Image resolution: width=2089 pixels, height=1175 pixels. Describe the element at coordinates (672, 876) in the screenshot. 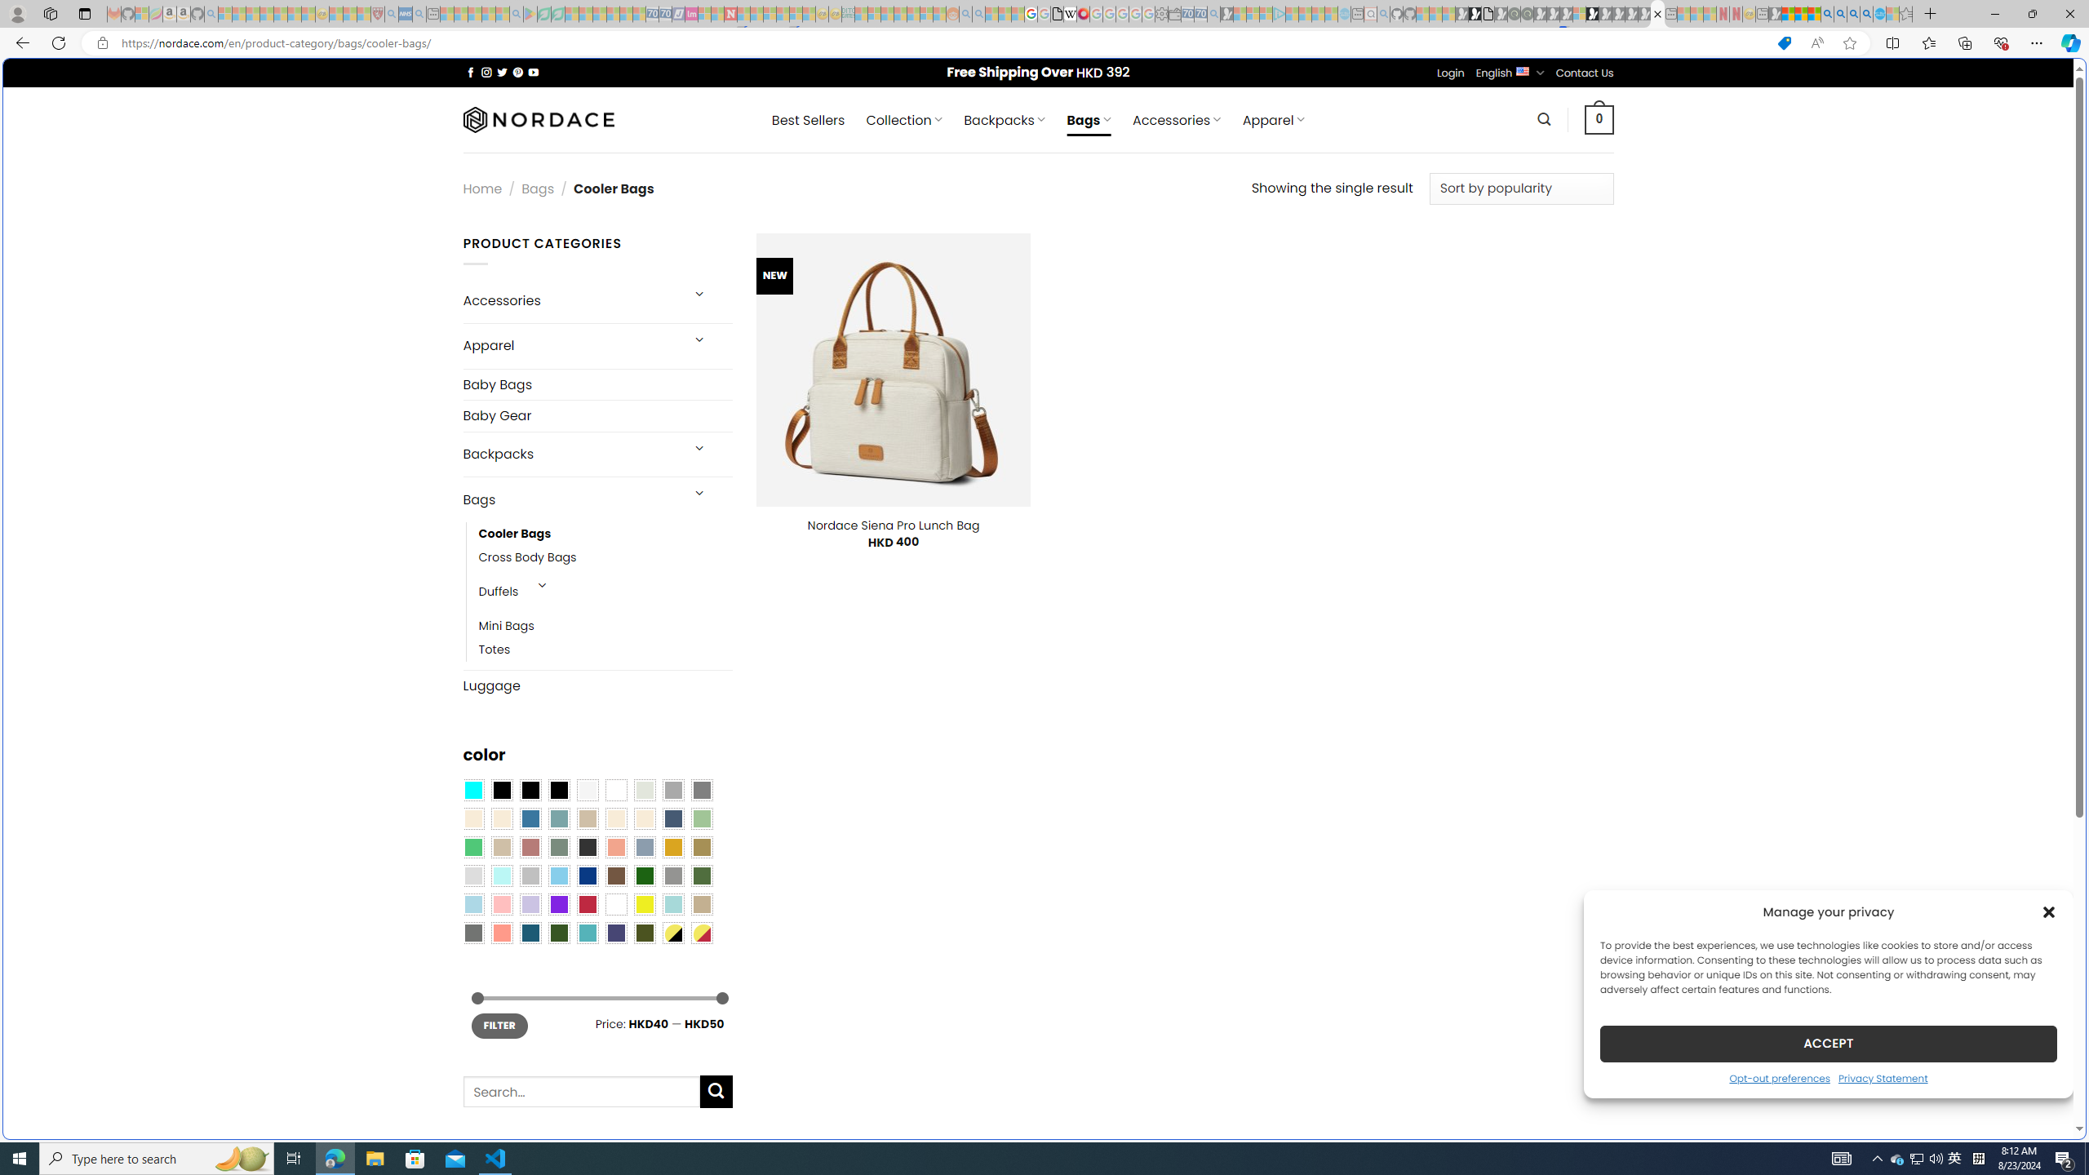

I see `'Gray'` at that location.